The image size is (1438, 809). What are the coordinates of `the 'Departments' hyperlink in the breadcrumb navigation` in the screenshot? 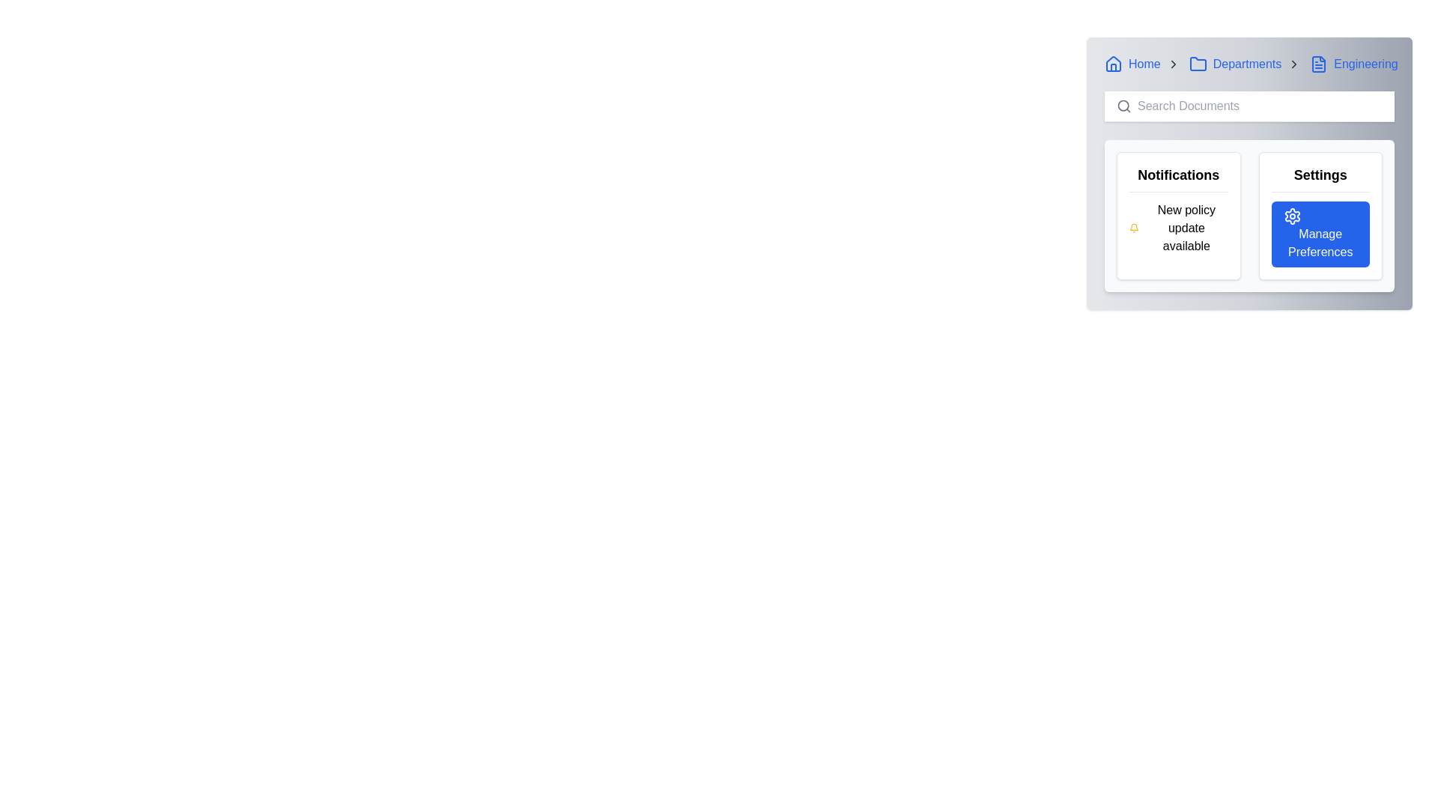 It's located at (1245, 63).